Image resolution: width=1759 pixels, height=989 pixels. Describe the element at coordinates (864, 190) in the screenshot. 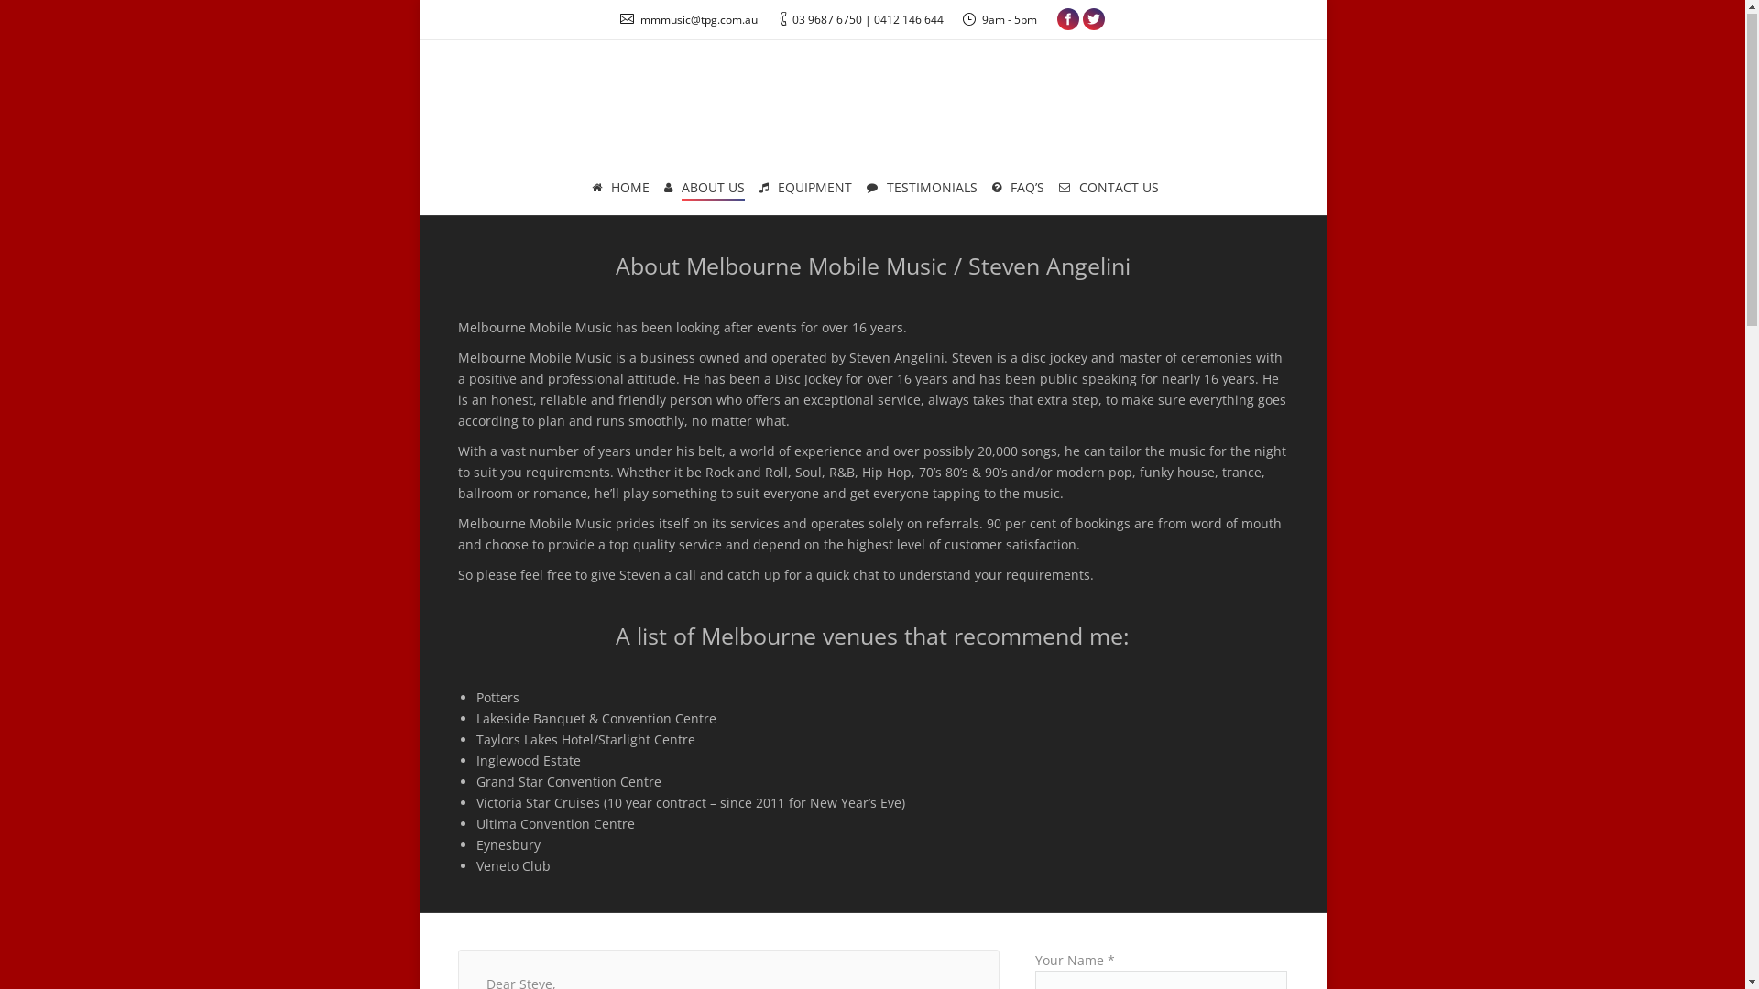

I see `'TESTIMONIALS'` at that location.